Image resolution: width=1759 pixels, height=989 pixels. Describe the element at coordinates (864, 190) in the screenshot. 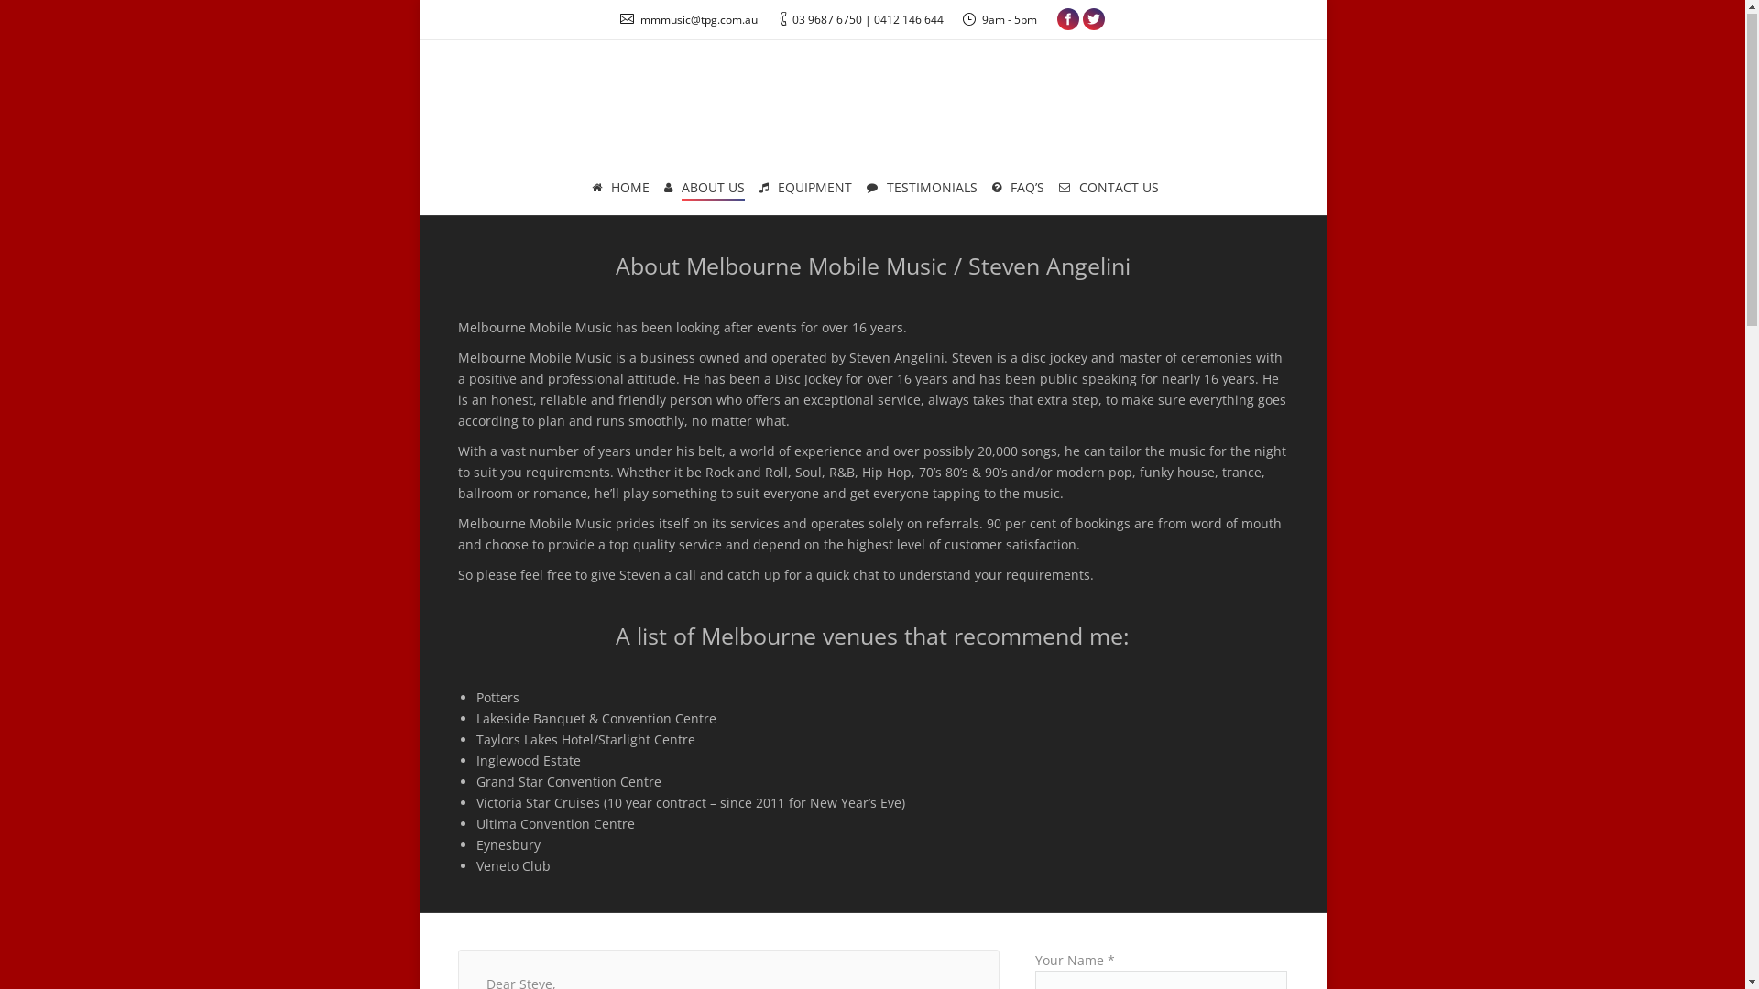

I see `'TESTIMONIALS'` at that location.